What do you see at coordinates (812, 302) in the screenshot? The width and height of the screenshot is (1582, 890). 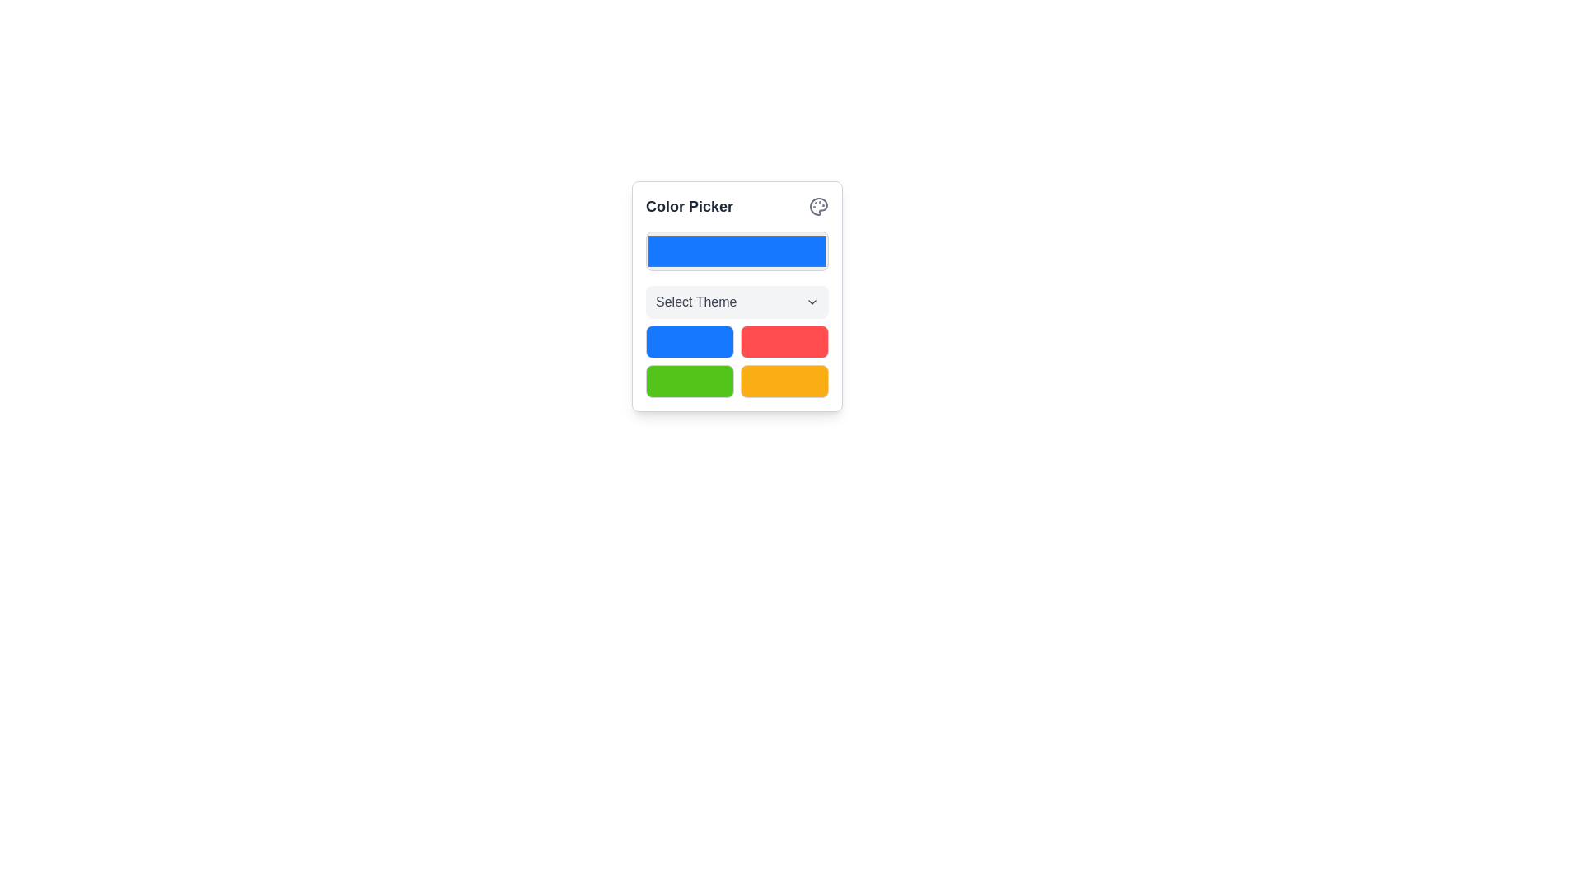 I see `the dropdown icon located to the right of the 'Select Theme' button` at bounding box center [812, 302].